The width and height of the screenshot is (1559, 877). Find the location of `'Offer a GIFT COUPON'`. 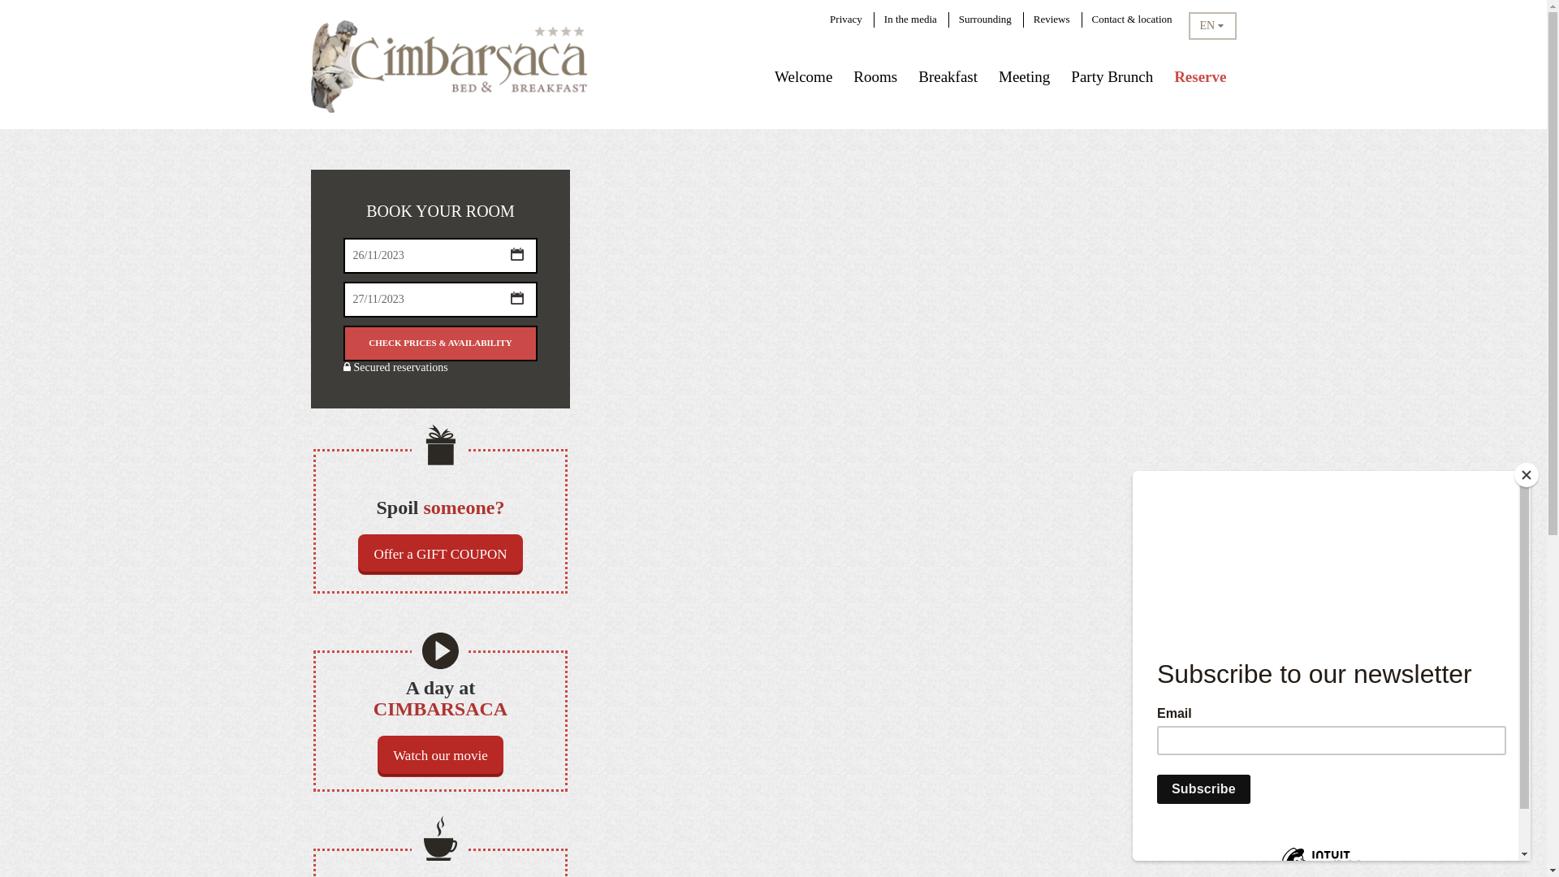

'Offer a GIFT COUPON' is located at coordinates (440, 553).